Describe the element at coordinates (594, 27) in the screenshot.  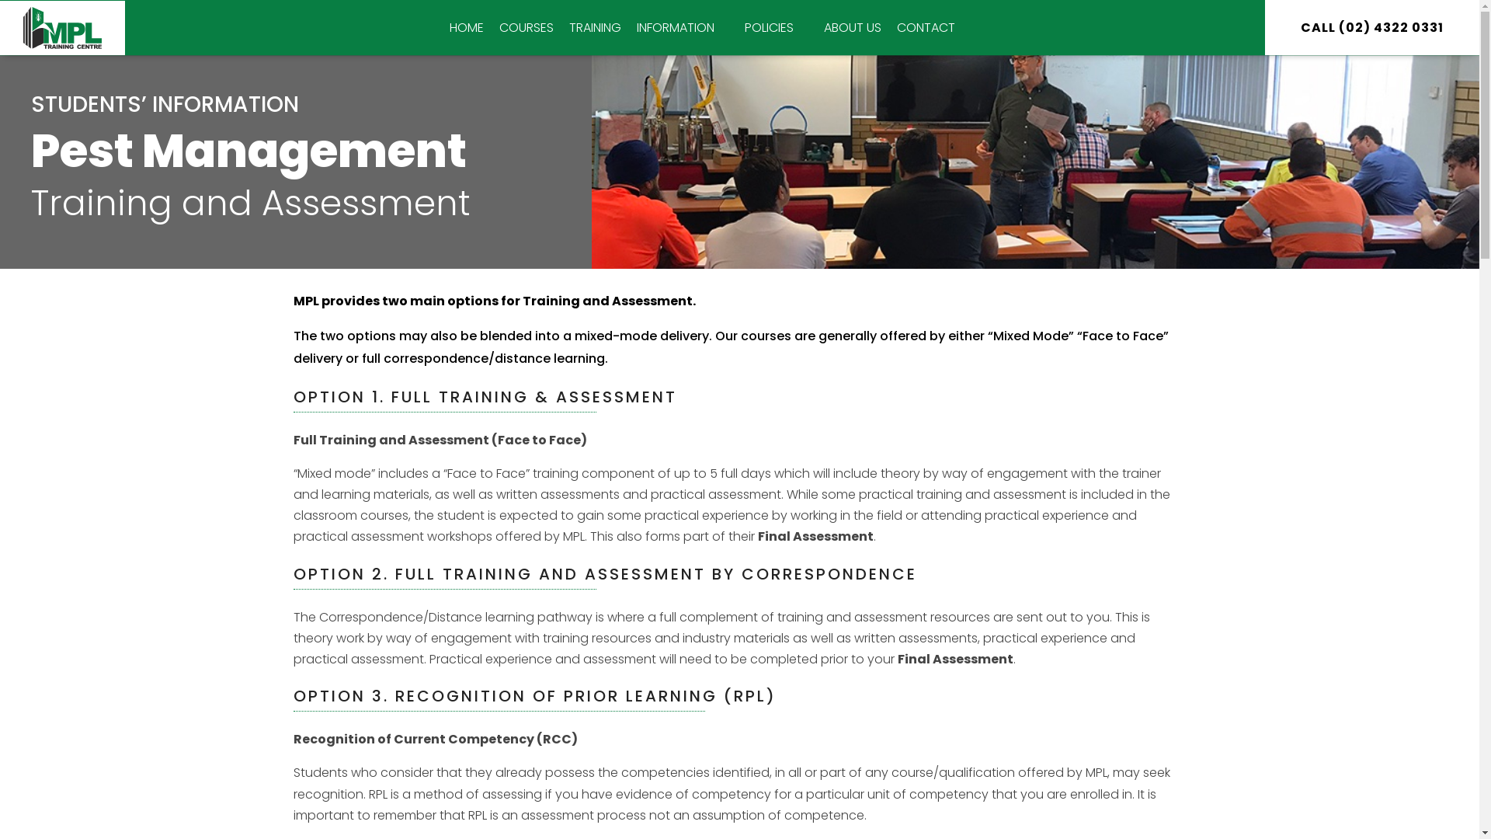
I see `'TRAINING'` at that location.